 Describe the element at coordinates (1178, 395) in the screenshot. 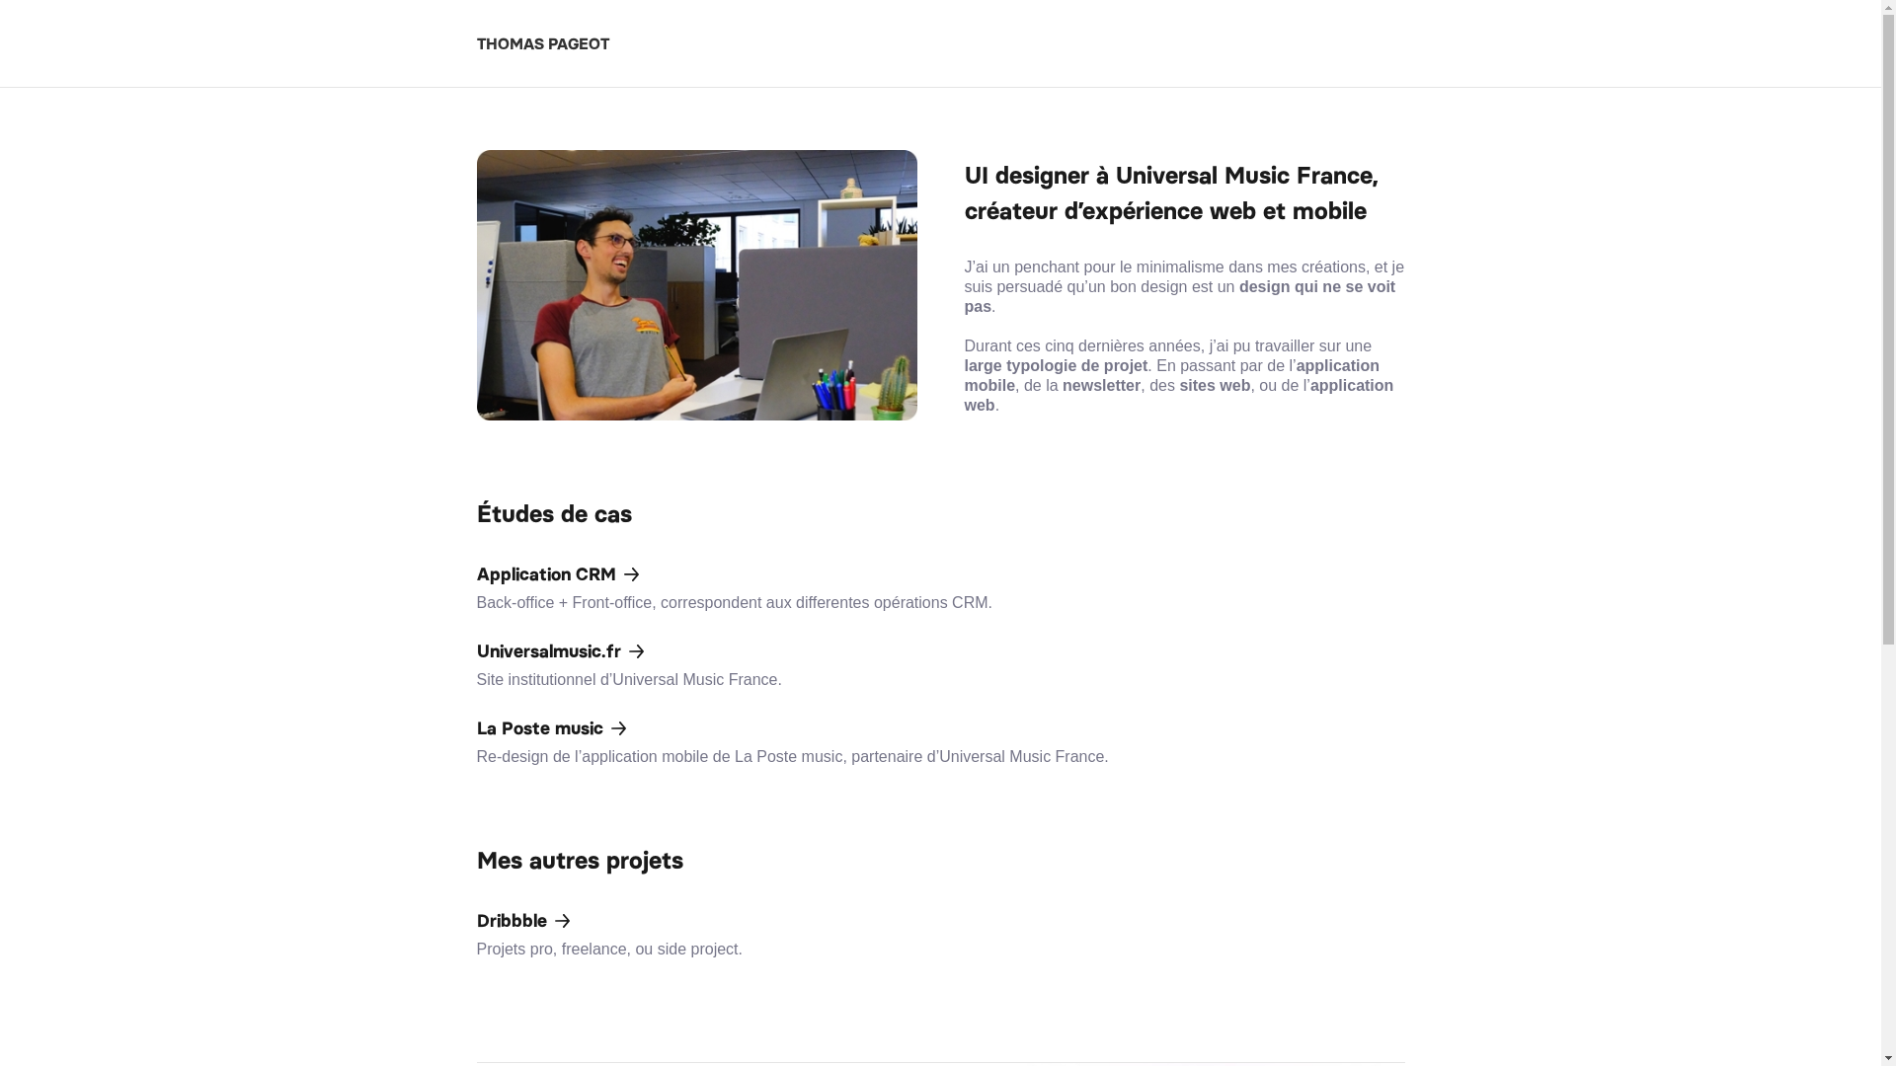

I see `'application web'` at that location.